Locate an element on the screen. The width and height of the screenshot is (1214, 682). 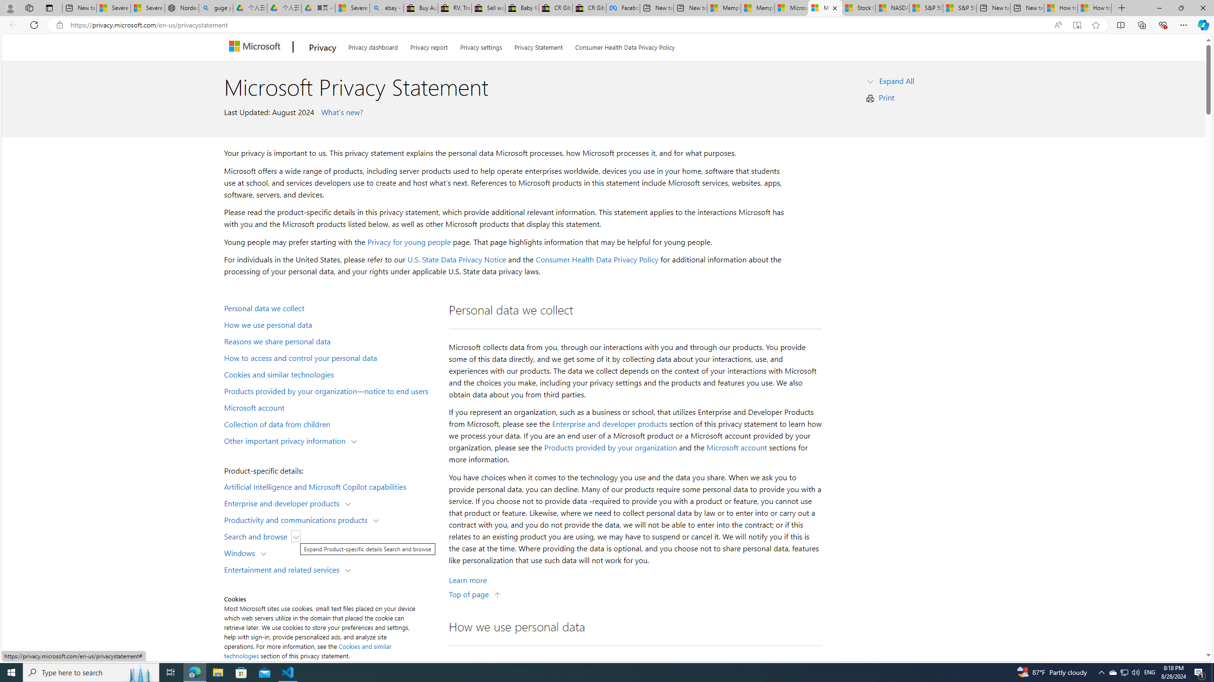
'Privacy dashboard' is located at coordinates (373, 45).